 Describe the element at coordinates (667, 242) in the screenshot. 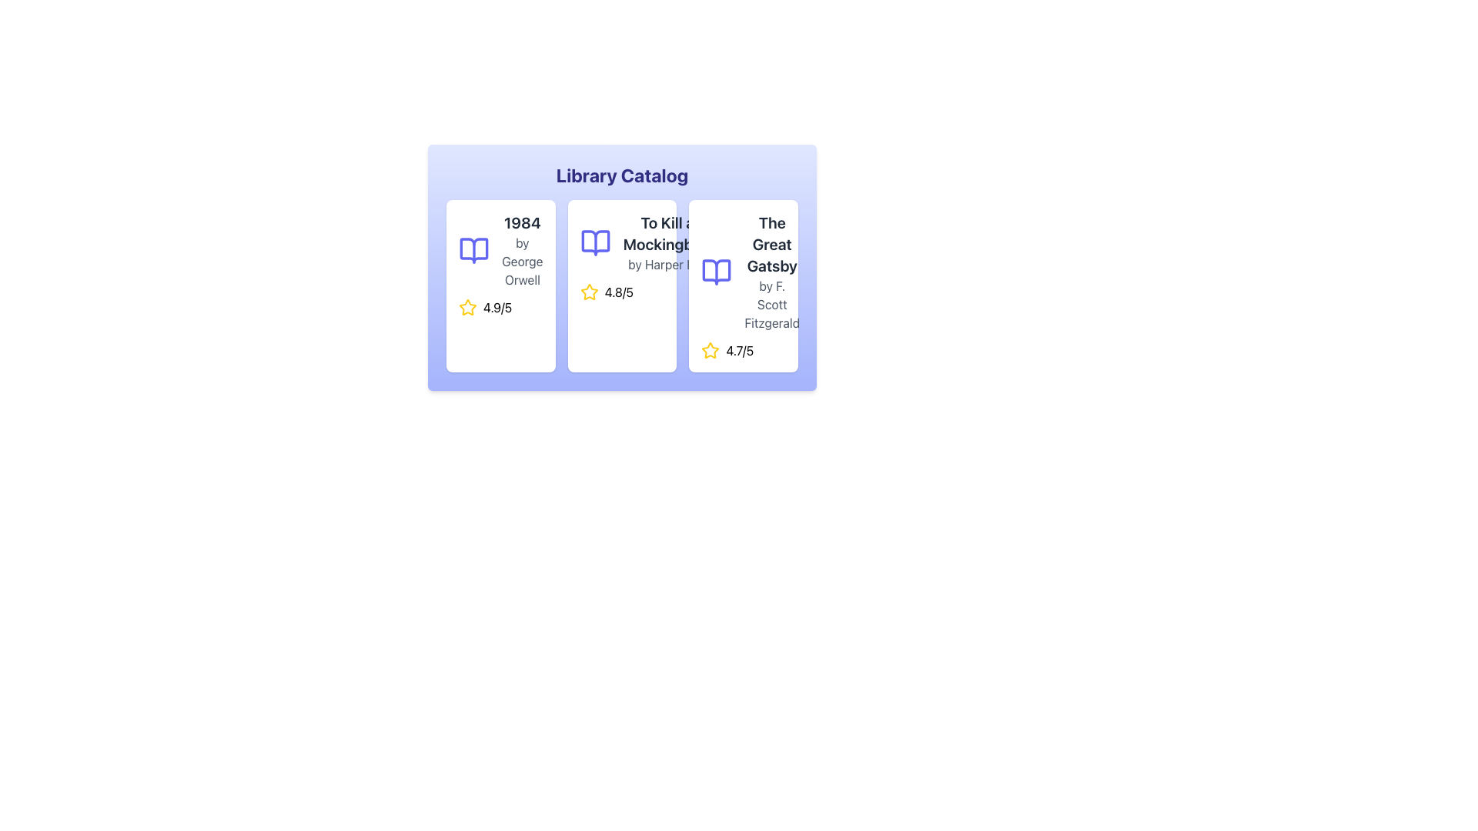

I see `the text block displaying the title 'To Kill a Mockingbird' to interact with its linked action` at that location.